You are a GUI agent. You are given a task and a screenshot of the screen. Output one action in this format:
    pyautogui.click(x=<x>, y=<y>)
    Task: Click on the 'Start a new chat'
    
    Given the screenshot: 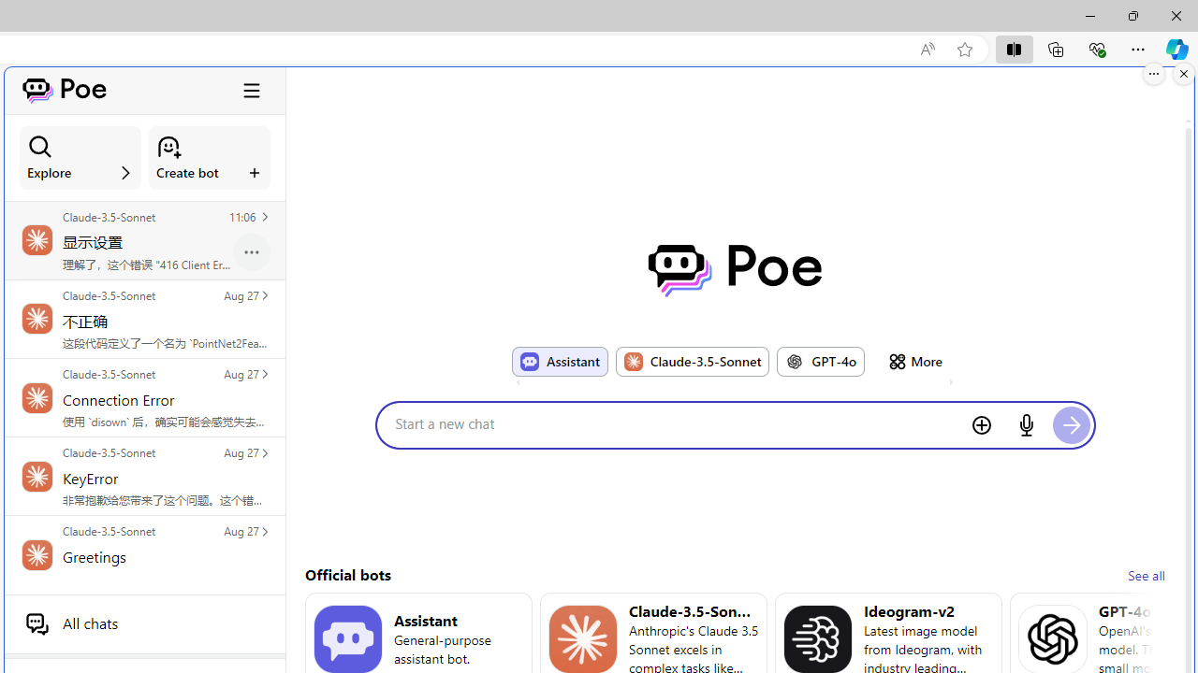 What is the action you would take?
    pyautogui.click(x=674, y=423)
    